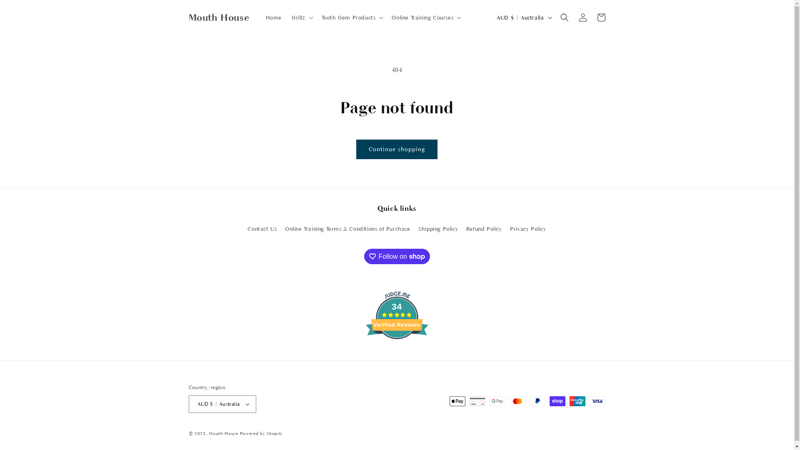 This screenshot has height=450, width=800. Describe the element at coordinates (523, 17) in the screenshot. I see `'AUD $ | Australia'` at that location.